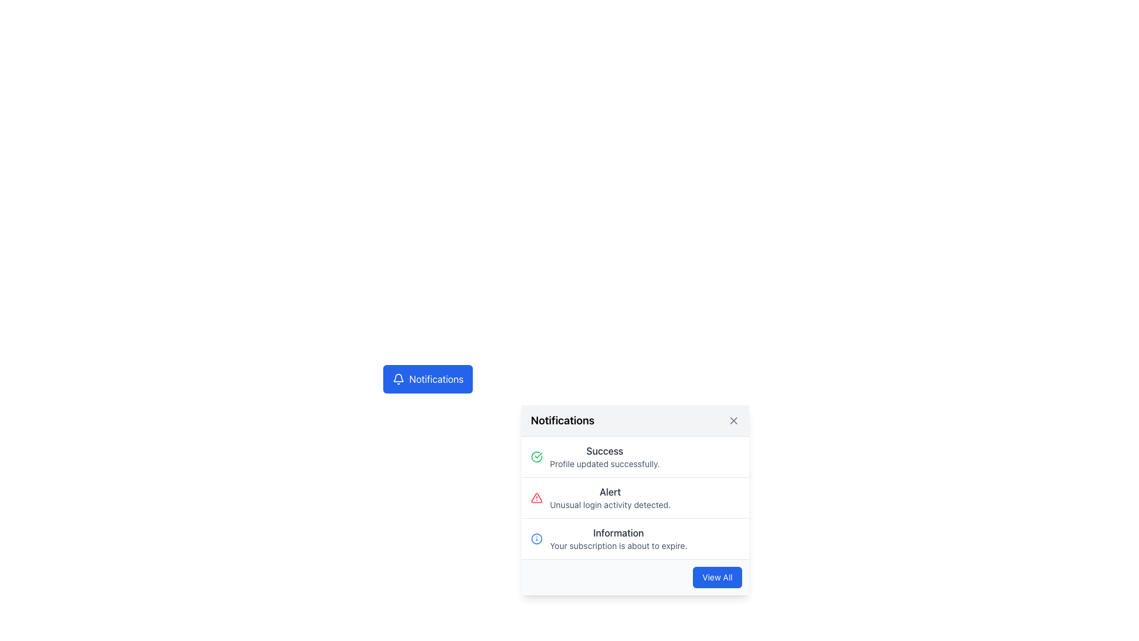 This screenshot has height=641, width=1139. What do you see at coordinates (610, 498) in the screenshot?
I see `alert message displayed in the notification entry with the header 'Alert' indicating unusual login activity detected` at bounding box center [610, 498].